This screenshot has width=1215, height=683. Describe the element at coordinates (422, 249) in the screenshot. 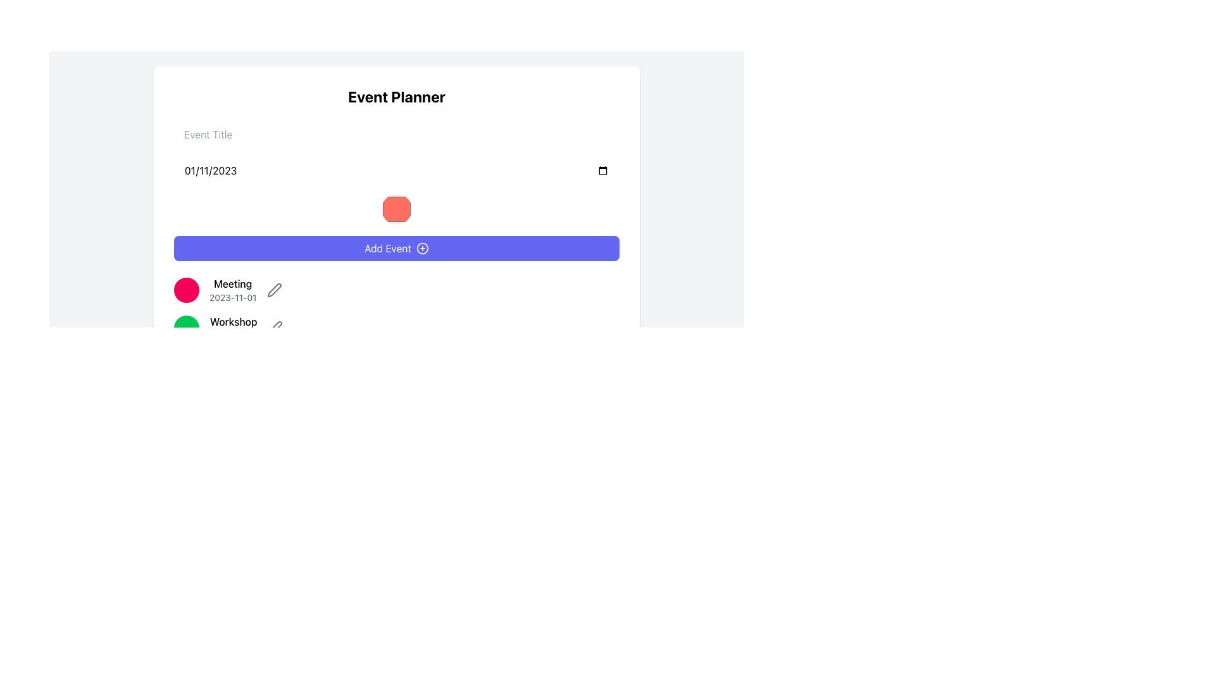

I see `circle with plus sign icon located within the 'Add Event' button for accessibility purposes` at that location.